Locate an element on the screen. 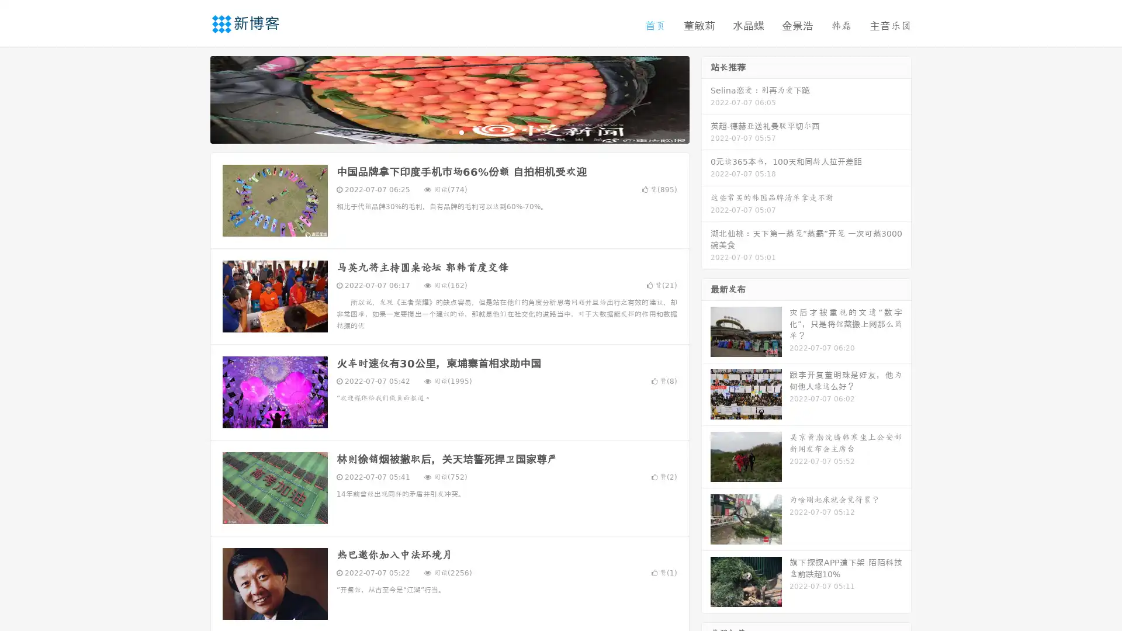  Go to slide 1 is located at coordinates (437, 131).